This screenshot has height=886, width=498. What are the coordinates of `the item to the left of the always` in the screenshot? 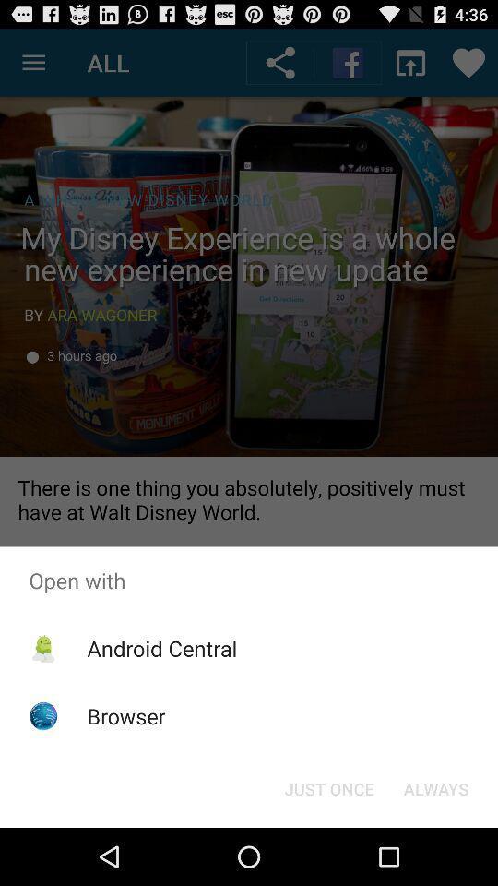 It's located at (328, 787).